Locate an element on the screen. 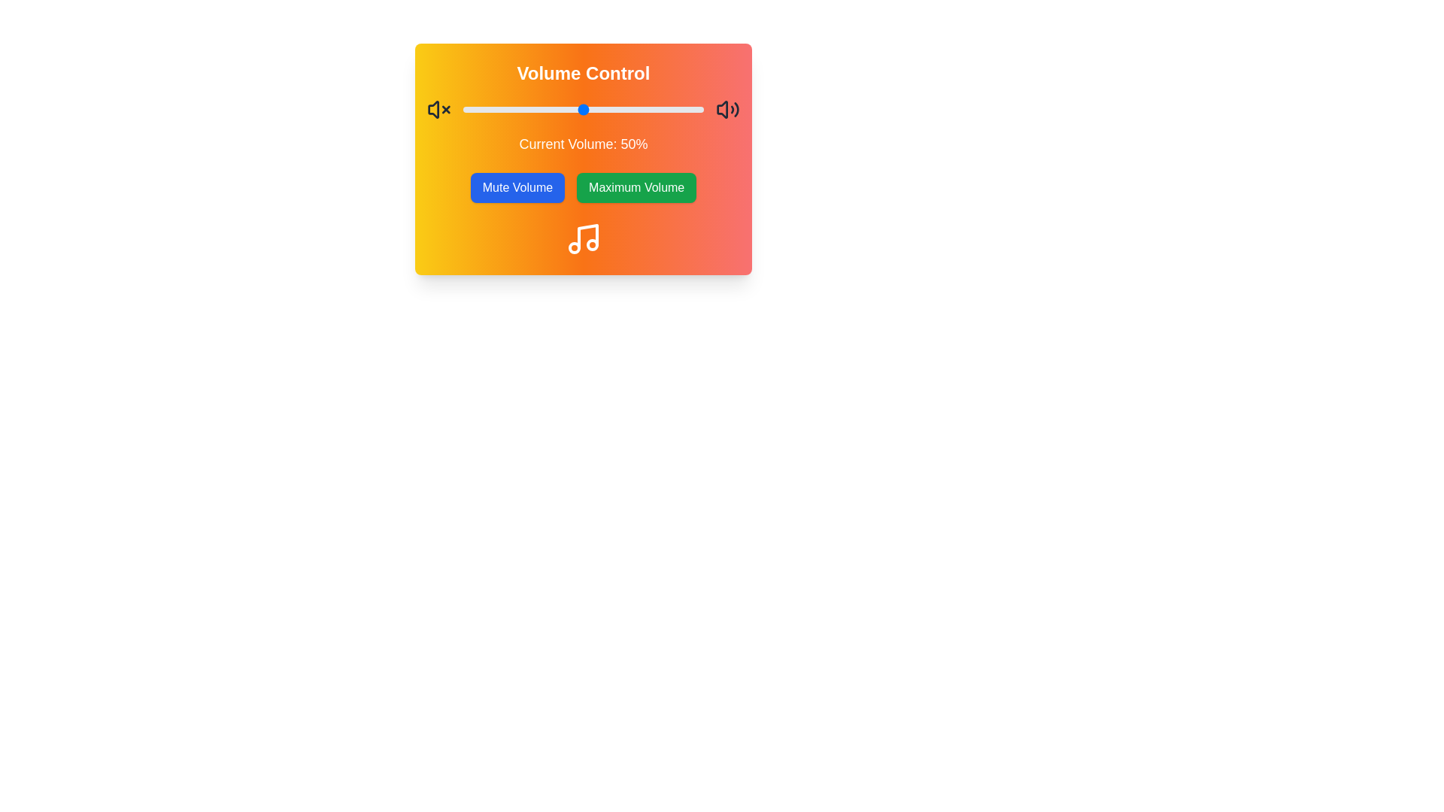 This screenshot has height=812, width=1444. the volume slider to 26% is located at coordinates (526, 109).